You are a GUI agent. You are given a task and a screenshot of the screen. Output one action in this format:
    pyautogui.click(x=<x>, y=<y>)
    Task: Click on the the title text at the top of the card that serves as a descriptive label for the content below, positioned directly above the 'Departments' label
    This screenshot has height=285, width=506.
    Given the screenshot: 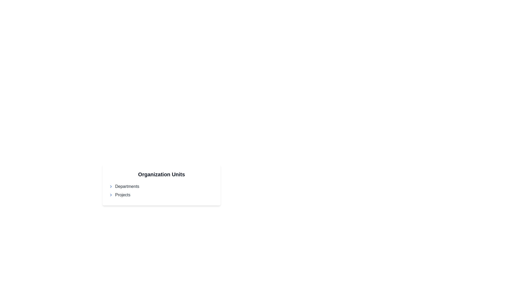 What is the action you would take?
    pyautogui.click(x=161, y=174)
    